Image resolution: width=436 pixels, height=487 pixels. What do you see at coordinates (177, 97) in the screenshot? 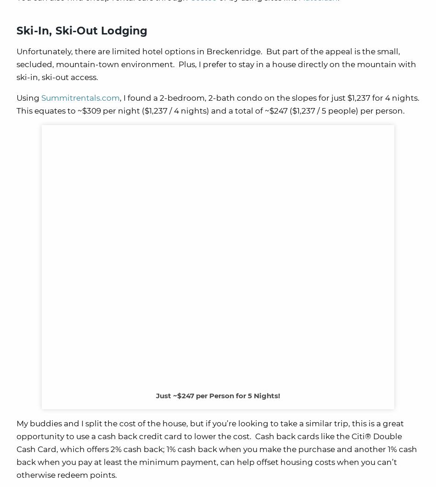
I see `', I found a 2-bedroom, 2-bath'` at bounding box center [177, 97].